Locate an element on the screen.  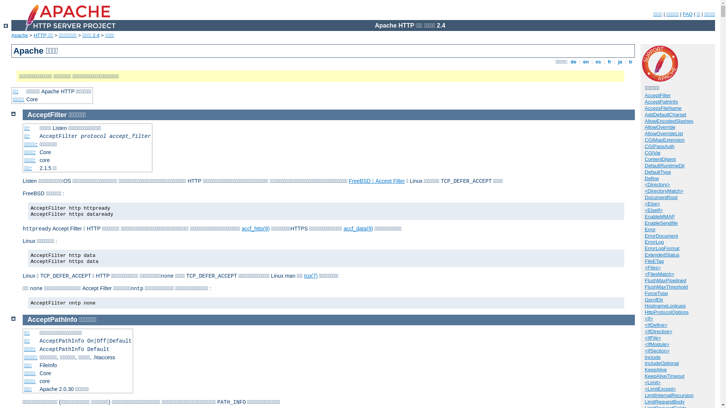
' de ' is located at coordinates (573, 61).